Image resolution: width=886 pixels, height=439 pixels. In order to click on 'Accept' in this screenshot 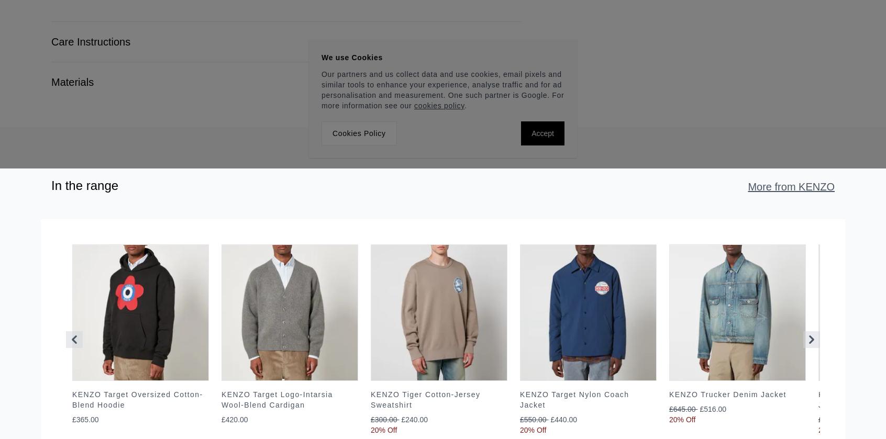, I will do `click(531, 133)`.